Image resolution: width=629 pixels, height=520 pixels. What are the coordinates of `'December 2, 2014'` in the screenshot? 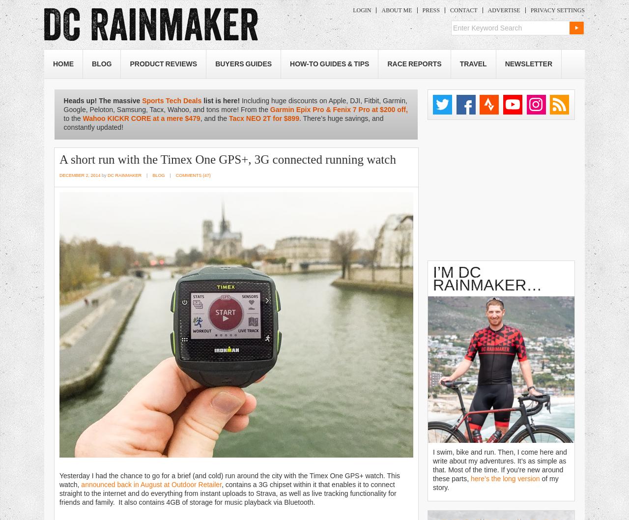 It's located at (80, 175).